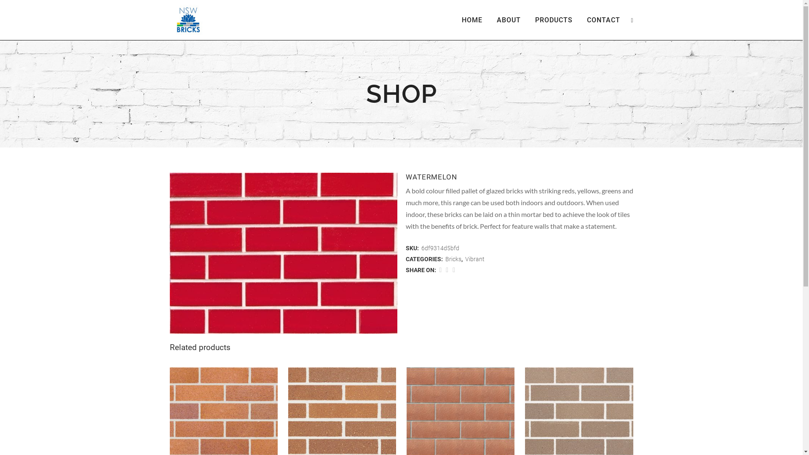 The width and height of the screenshot is (809, 455). Describe the element at coordinates (446, 270) in the screenshot. I see `'Share on Twitter'` at that location.